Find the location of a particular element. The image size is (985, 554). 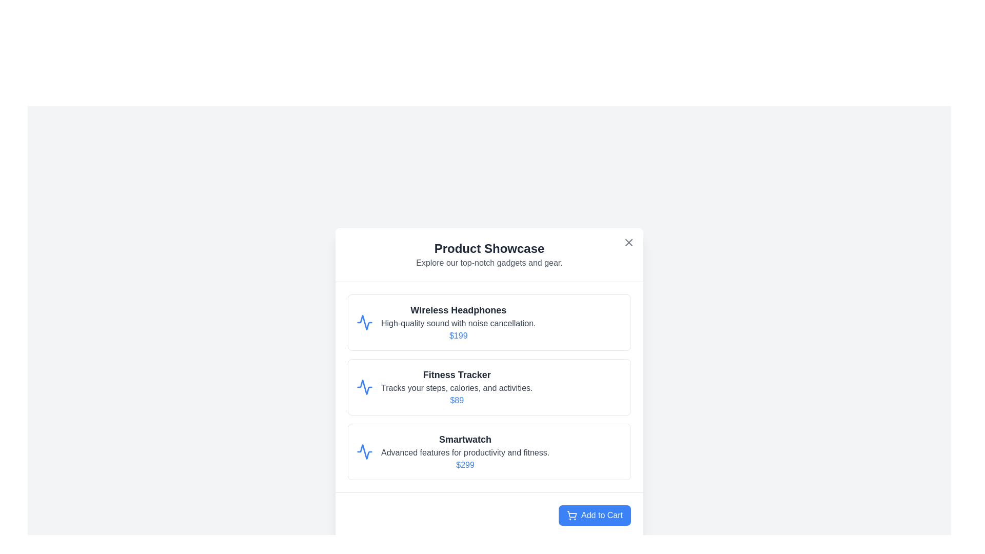

the close button icon located in the top-right corner of the 'Product Showcase' card is located at coordinates (628, 243).